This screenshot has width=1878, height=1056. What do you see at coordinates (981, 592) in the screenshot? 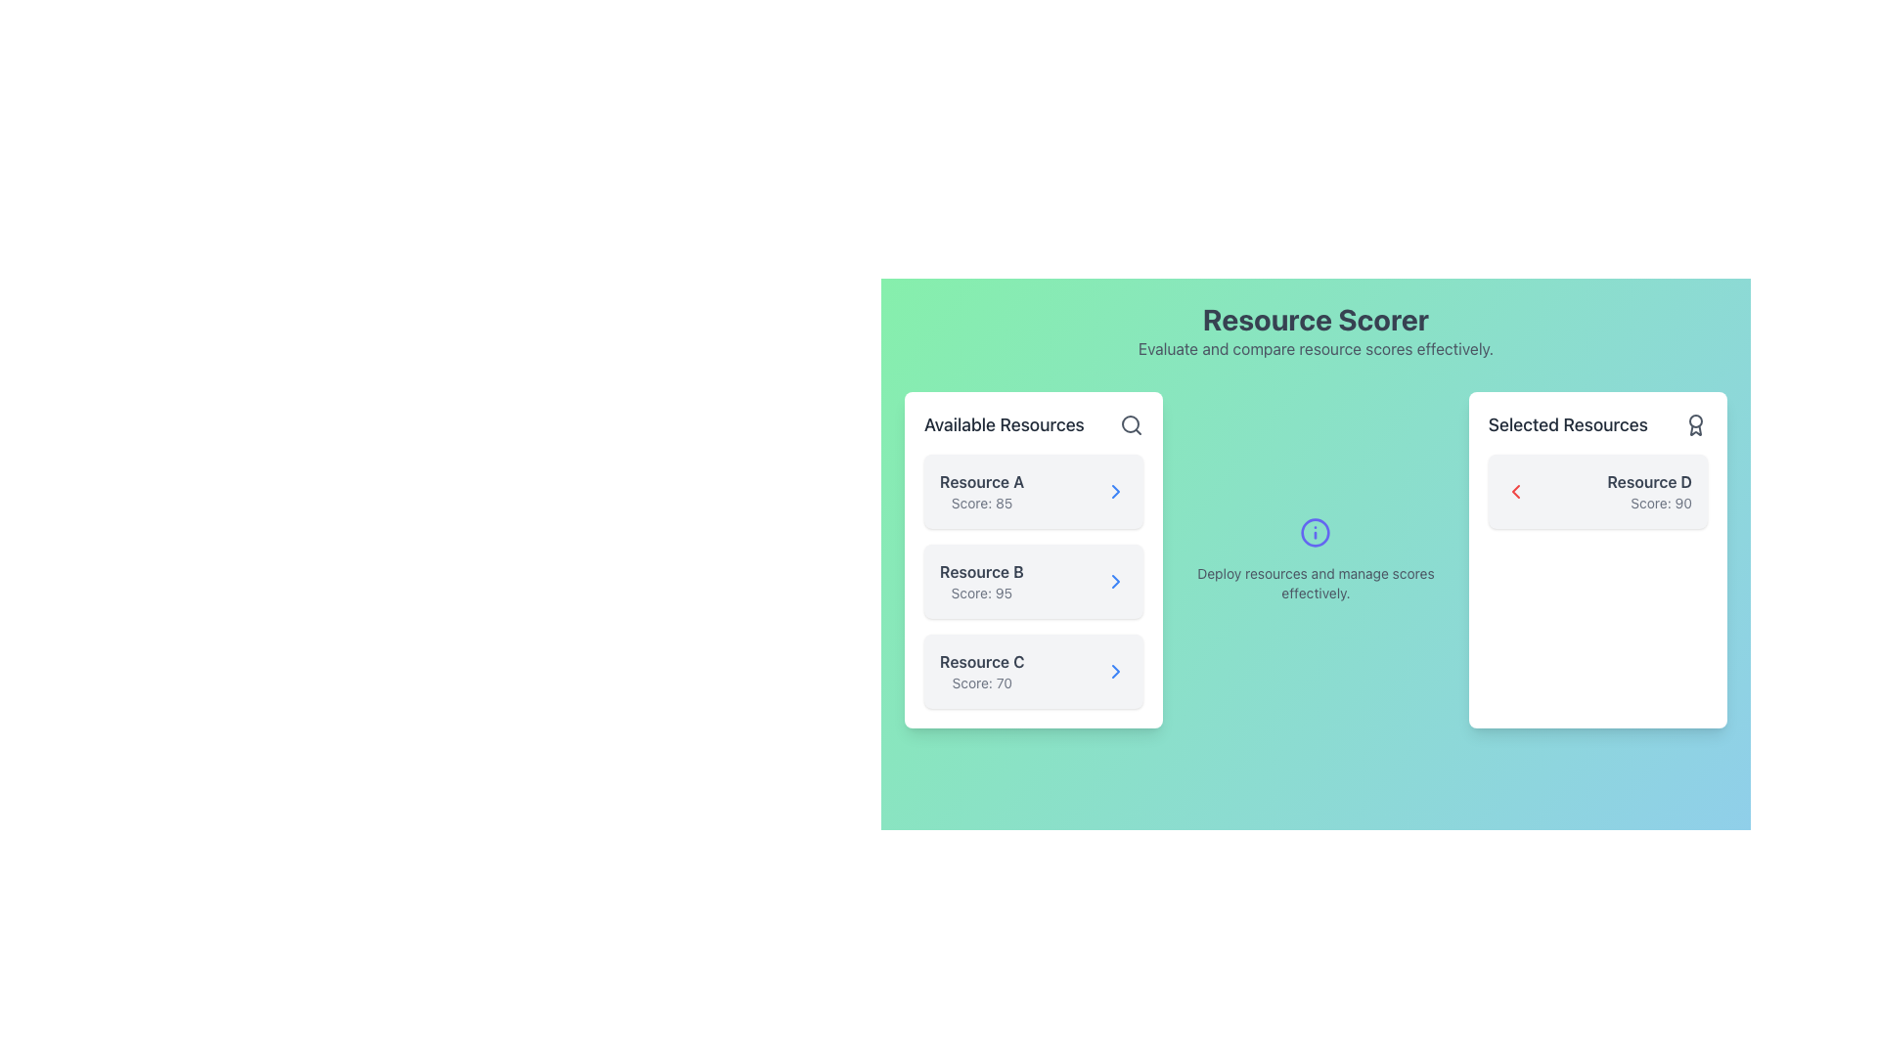
I see `informational text displaying the numeric score associated with 'Resource B', located below its title in the 'Available Resources' section` at bounding box center [981, 592].